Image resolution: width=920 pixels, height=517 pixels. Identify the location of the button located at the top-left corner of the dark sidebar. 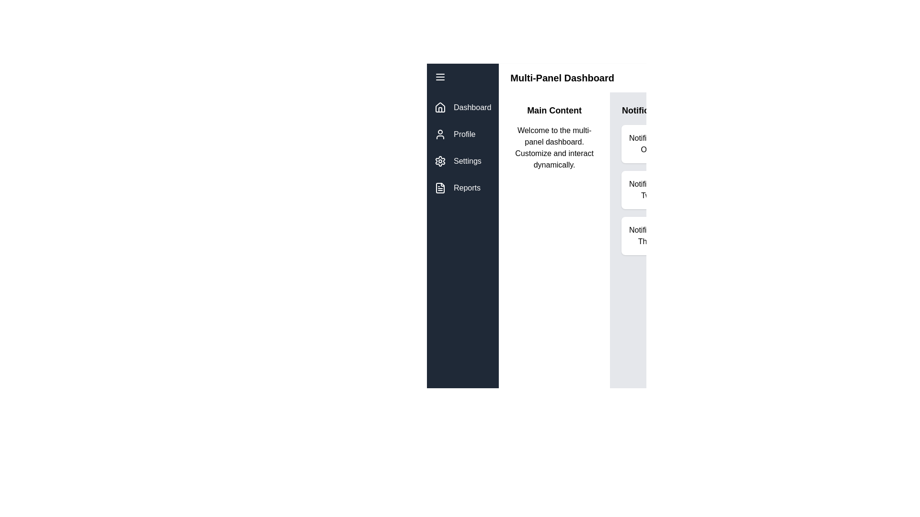
(439, 77).